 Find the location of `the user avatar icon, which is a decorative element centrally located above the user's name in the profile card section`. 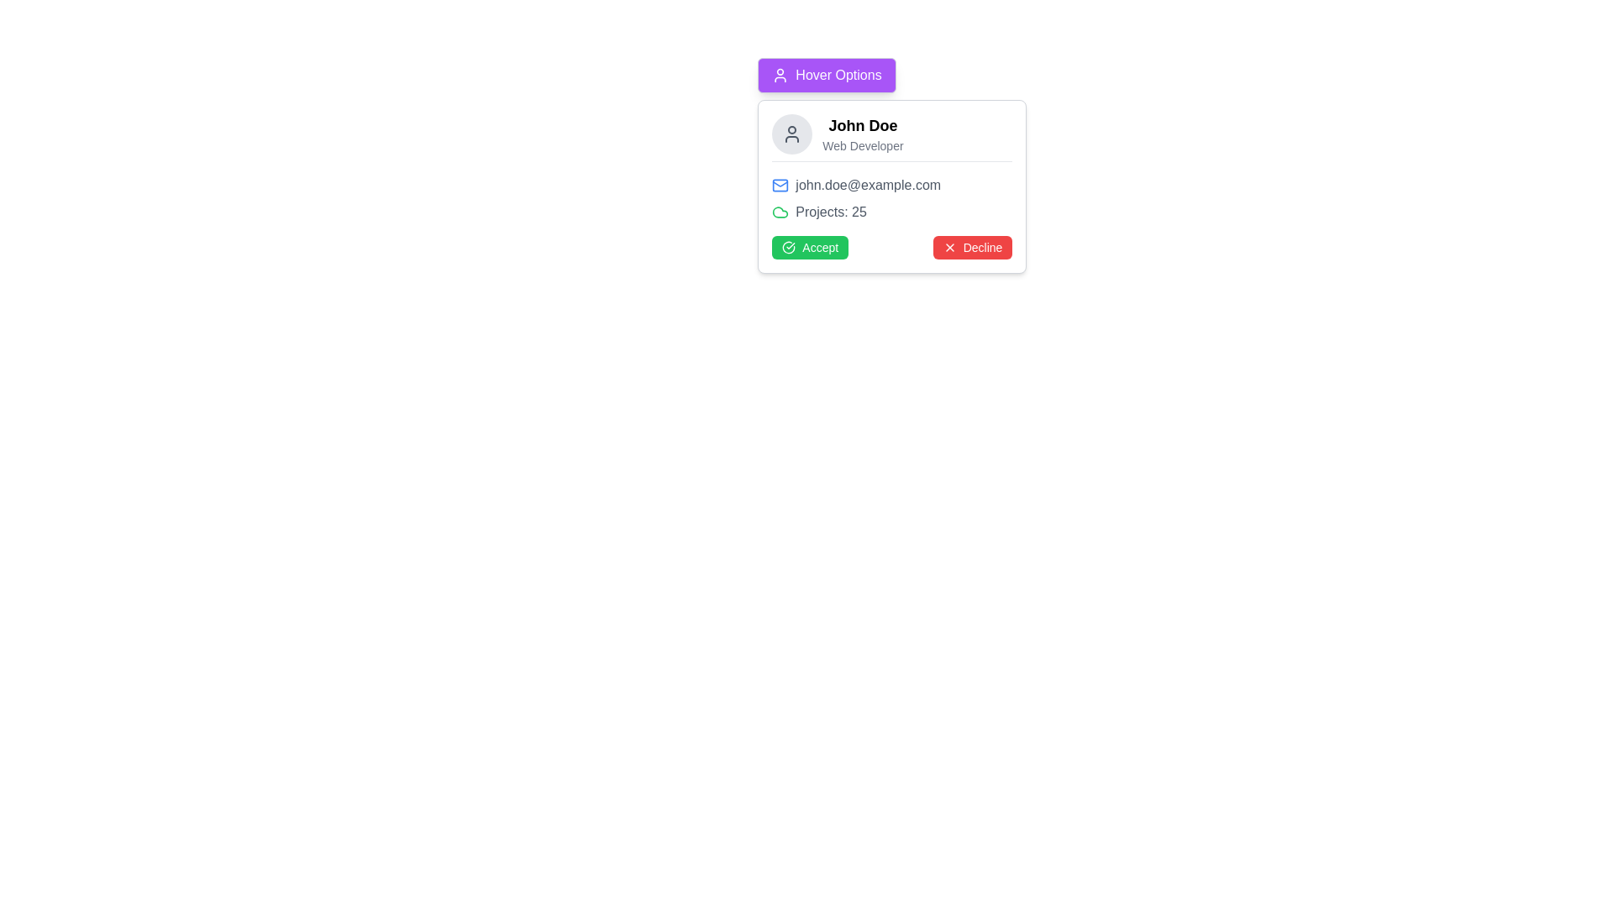

the user avatar icon, which is a decorative element centrally located above the user's name in the profile card section is located at coordinates (791, 133).